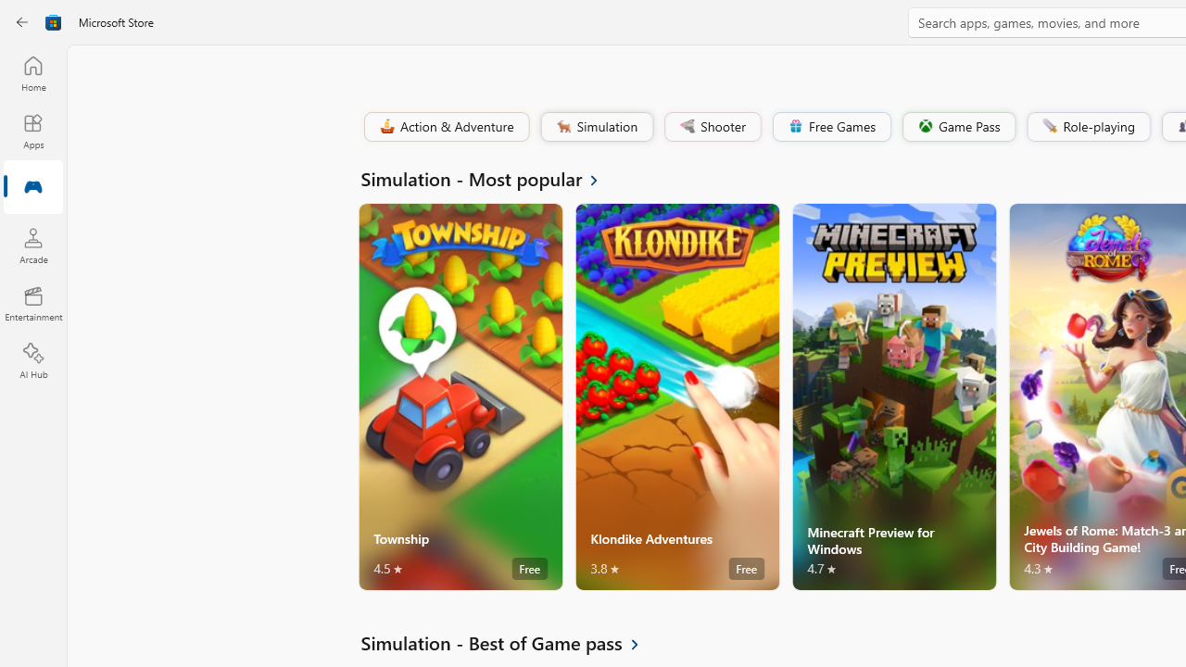  Describe the element at coordinates (22, 22) in the screenshot. I see `'Back'` at that location.